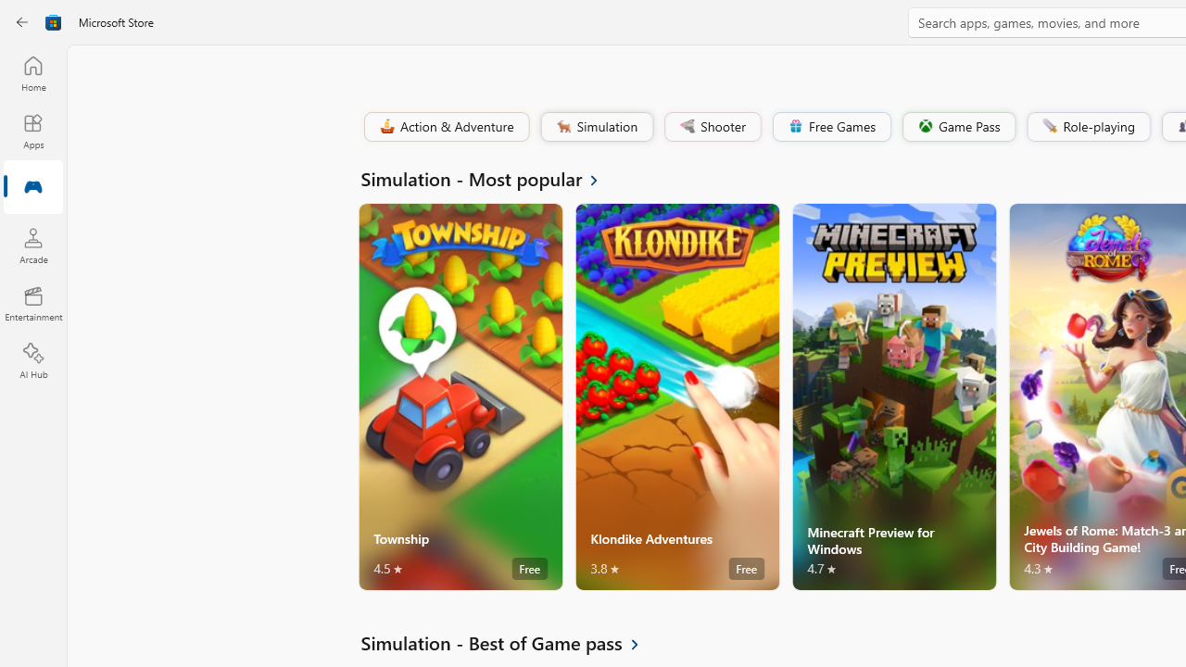  Describe the element at coordinates (22, 22) in the screenshot. I see `'Back'` at that location.